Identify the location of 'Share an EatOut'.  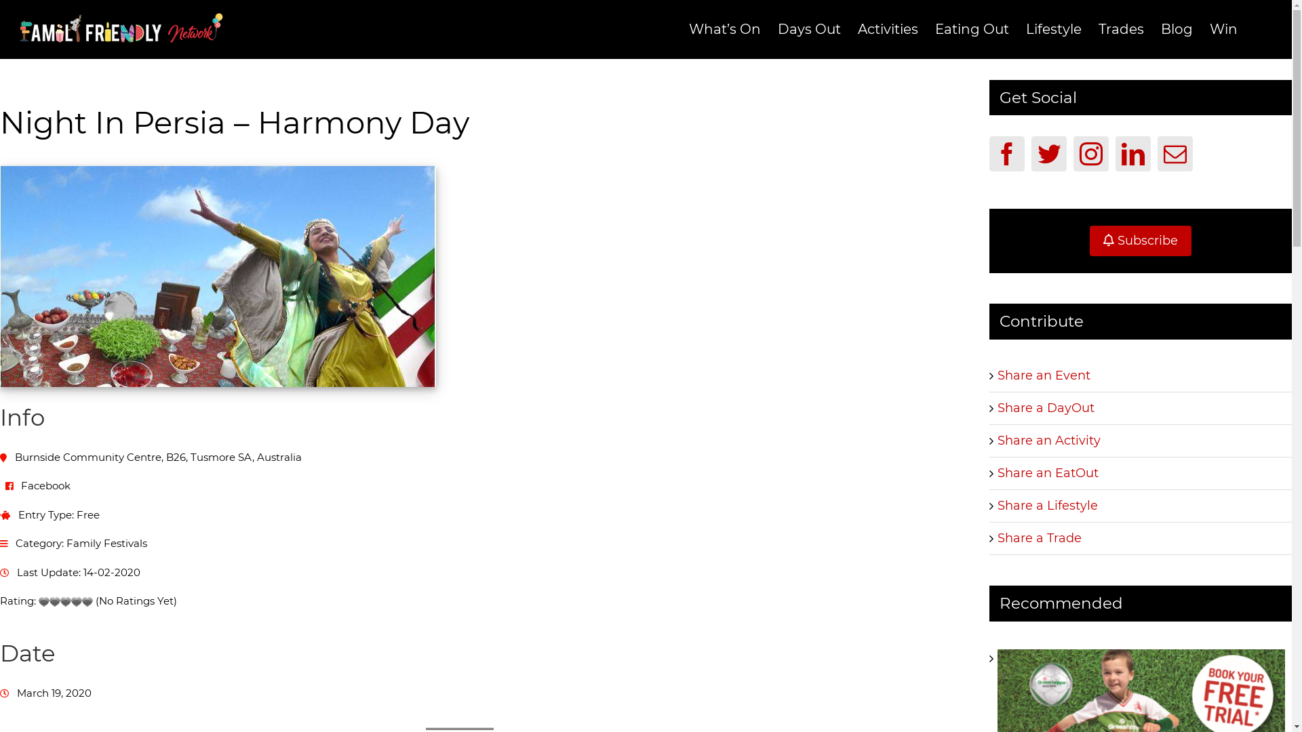
(1047, 472).